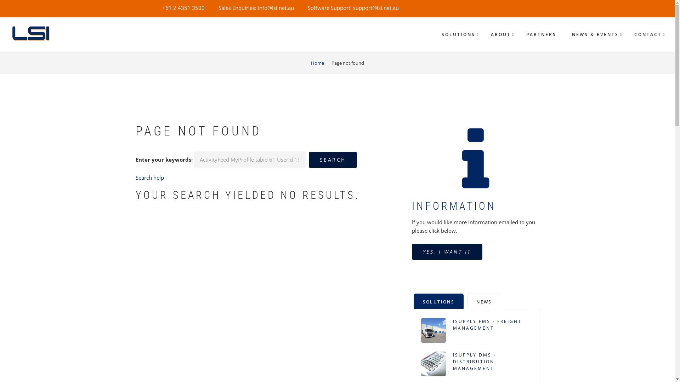 This screenshot has width=680, height=382. What do you see at coordinates (375, 8) in the screenshot?
I see `'support@lsi.net.au'` at bounding box center [375, 8].